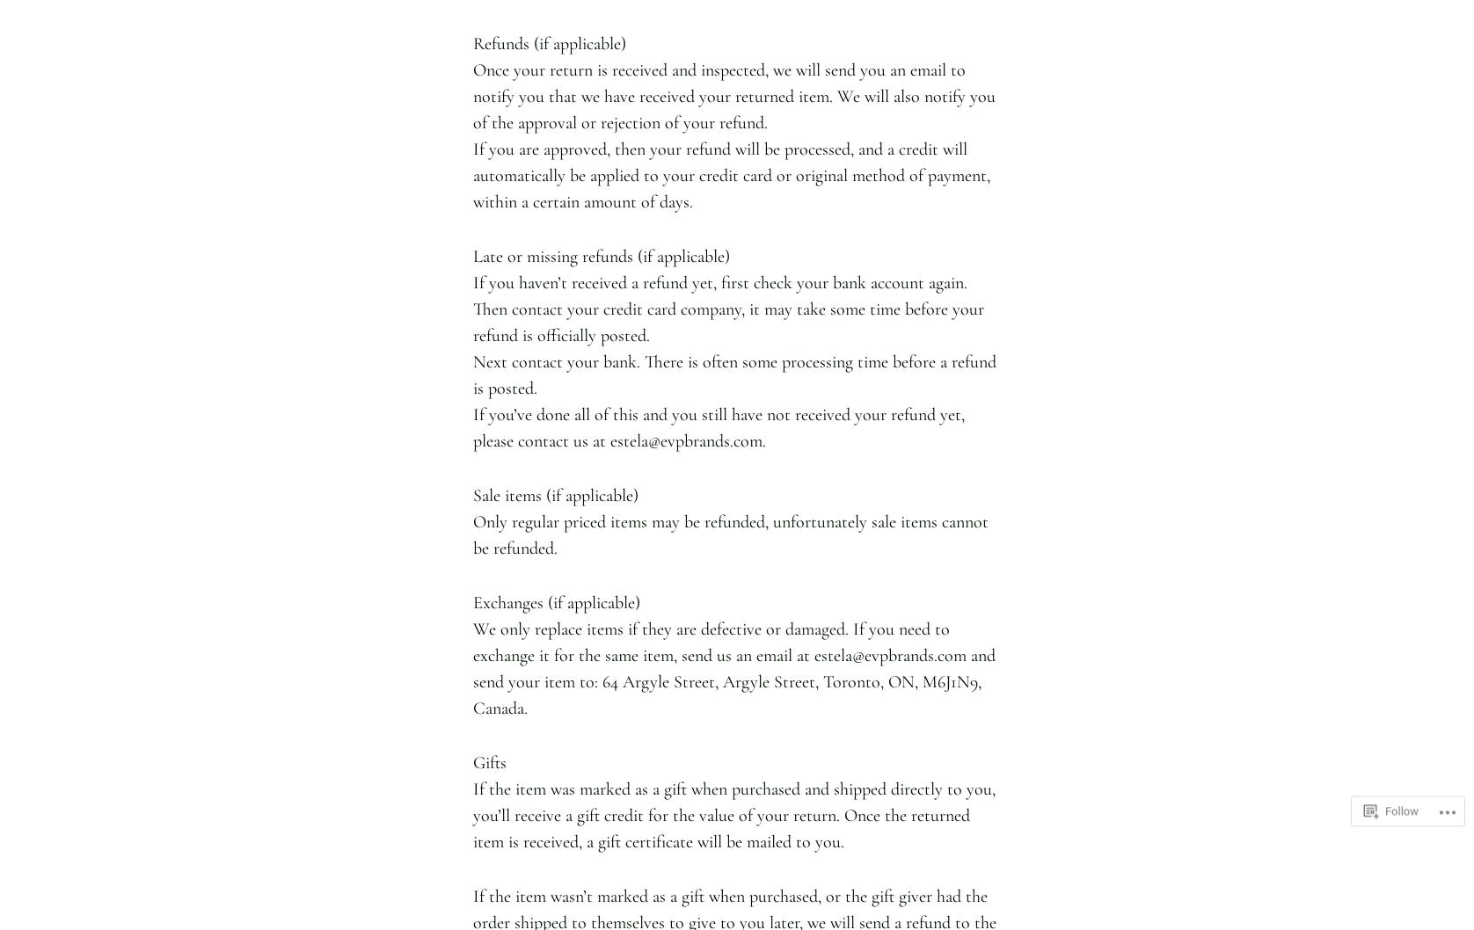  I want to click on 'Next contact your bank. There is often some processing time before a refund is posted.', so click(733, 374).